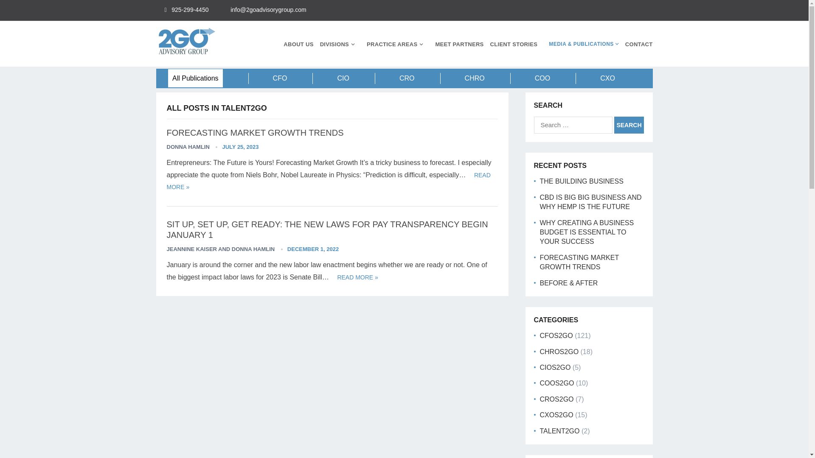  What do you see at coordinates (280, 78) in the screenshot?
I see `'CFO'` at bounding box center [280, 78].